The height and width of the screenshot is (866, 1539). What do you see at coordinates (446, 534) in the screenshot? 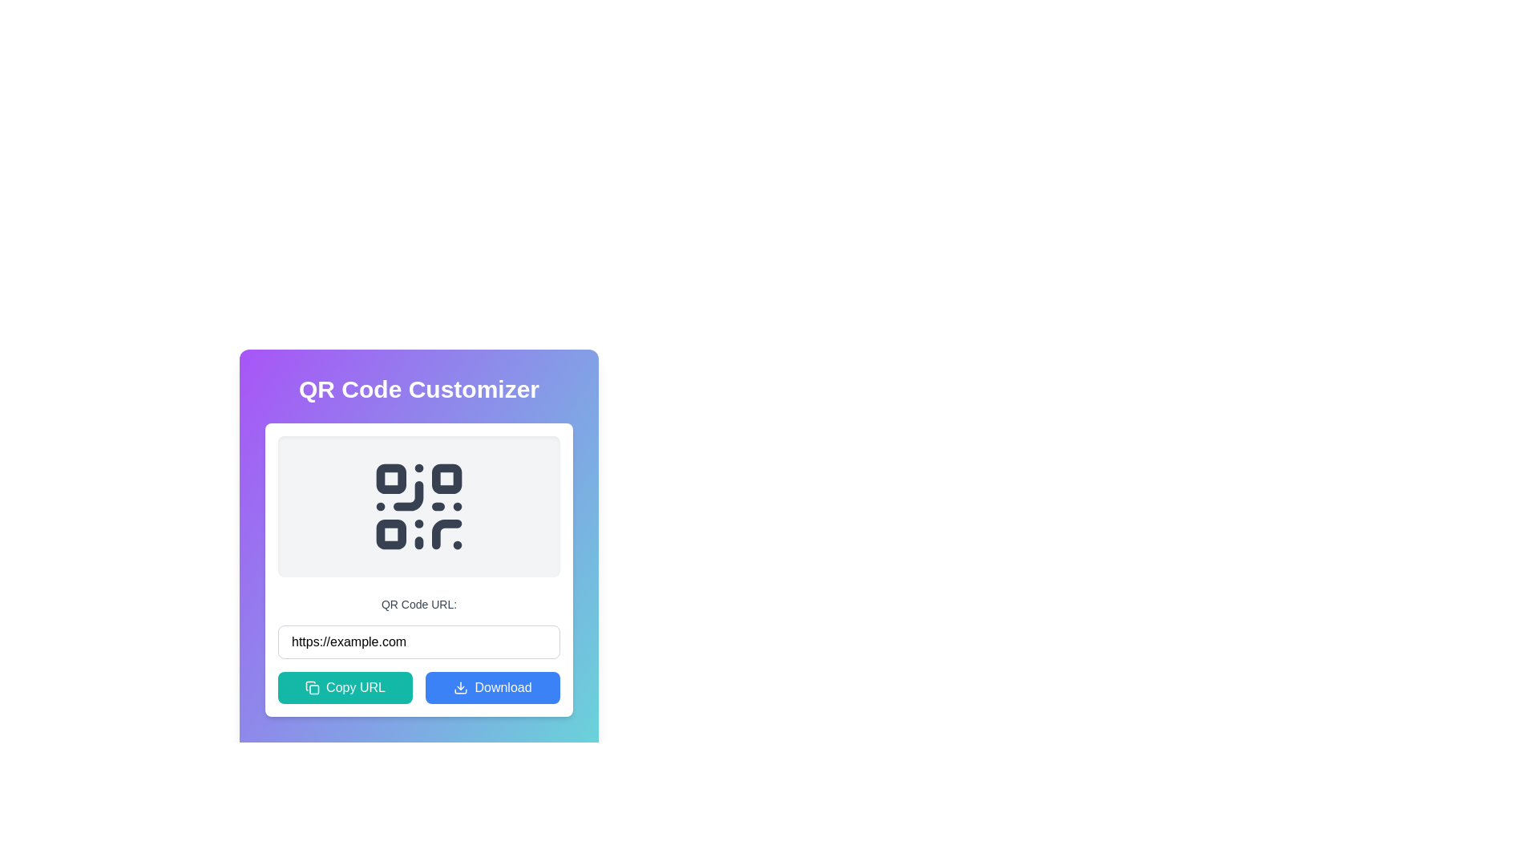
I see `small curve or arc decorative element located in the bottom right section of the QR code graphic by clicking on it` at bounding box center [446, 534].